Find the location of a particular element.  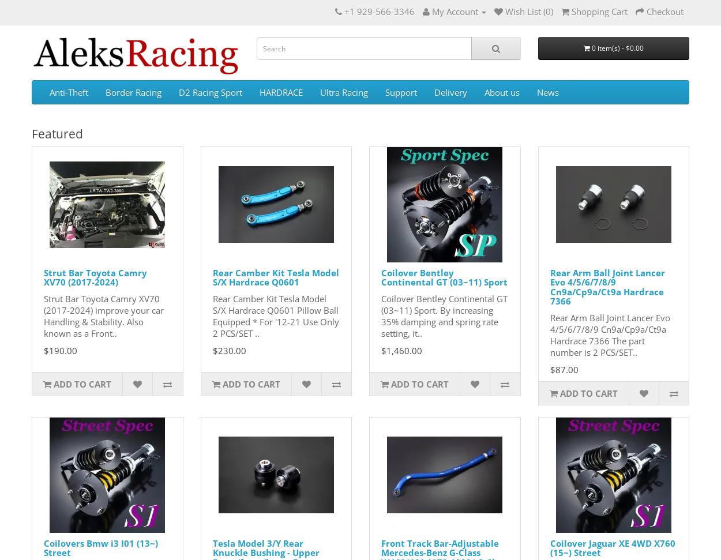

'Rear Camber Kit Tesla Model S/X Hardrace Q0601 Pillow Ball Equipped * For '12-21 Use Only 2 PCS/SET ..' is located at coordinates (275, 315).